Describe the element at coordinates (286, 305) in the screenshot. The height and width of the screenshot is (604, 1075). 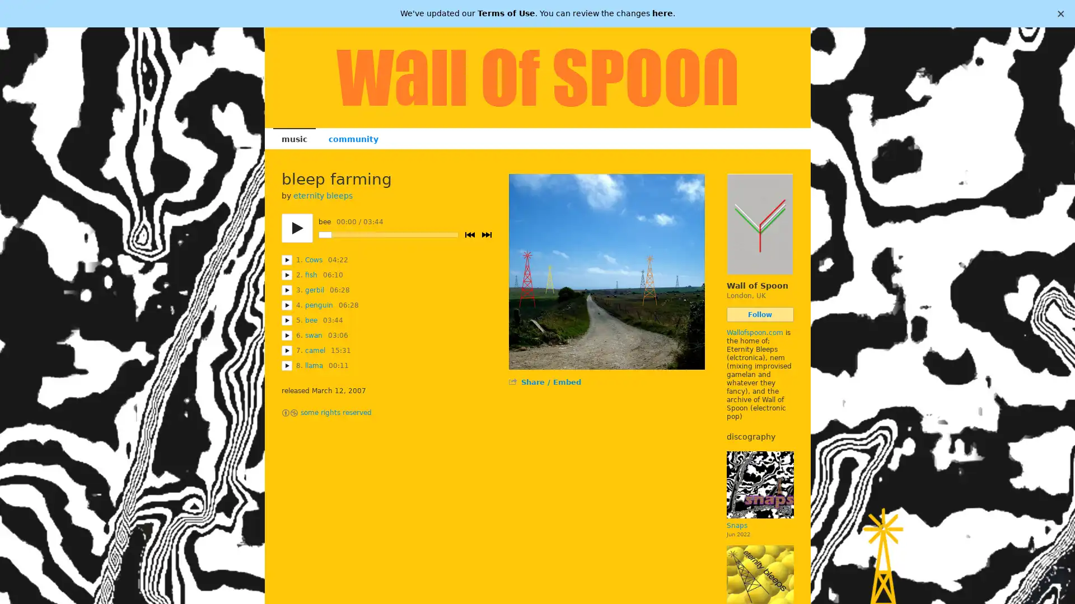
I see `Play penguin` at that location.